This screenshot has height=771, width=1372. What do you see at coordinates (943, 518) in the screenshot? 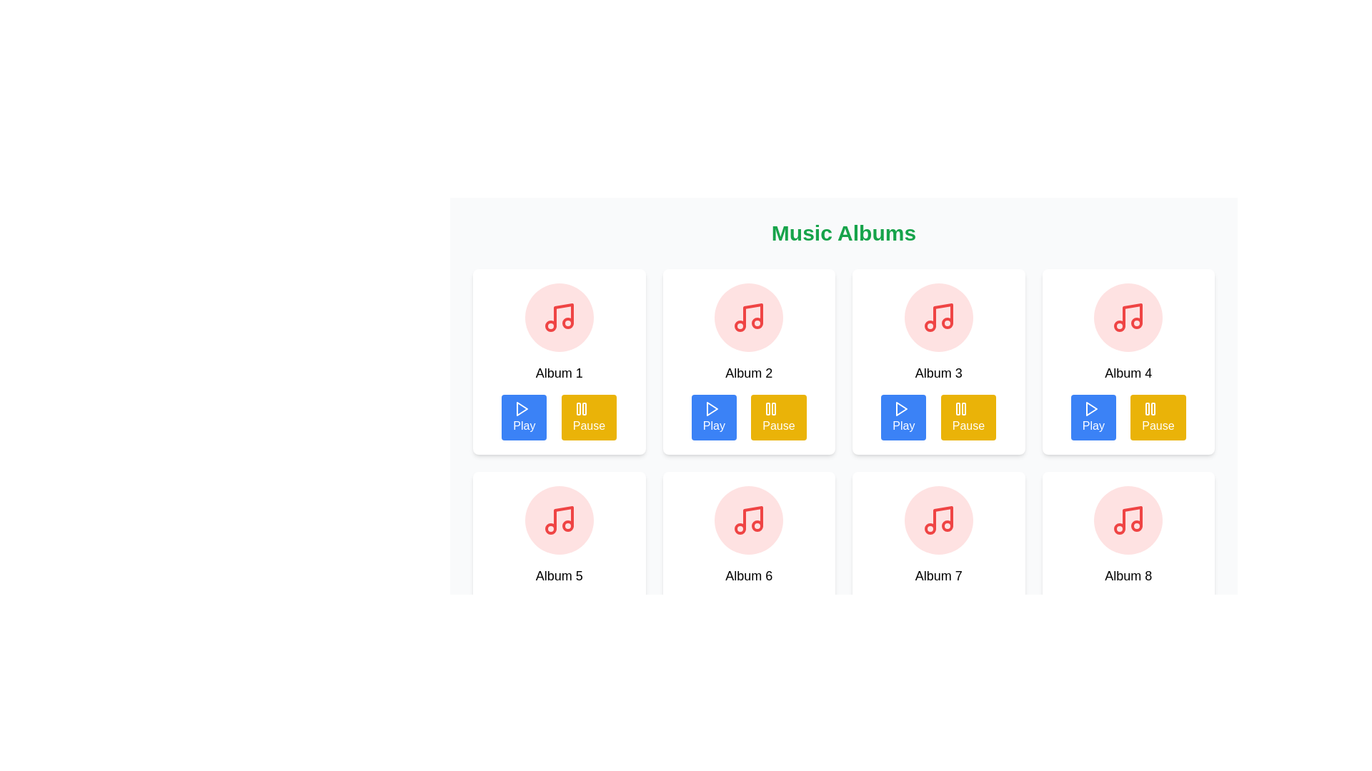
I see `the thin vertical line segment within the musical note icon for 'Album 7', located in the middle-right section of the layout grid` at bounding box center [943, 518].